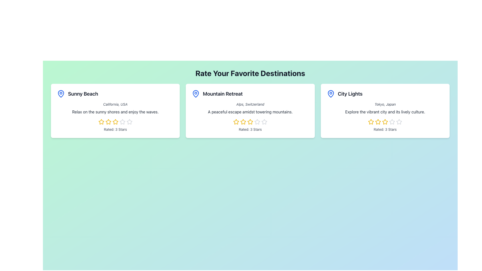 The height and width of the screenshot is (271, 482). I want to click on the third yellow star icon in the rating system to set the rating, so click(108, 122).